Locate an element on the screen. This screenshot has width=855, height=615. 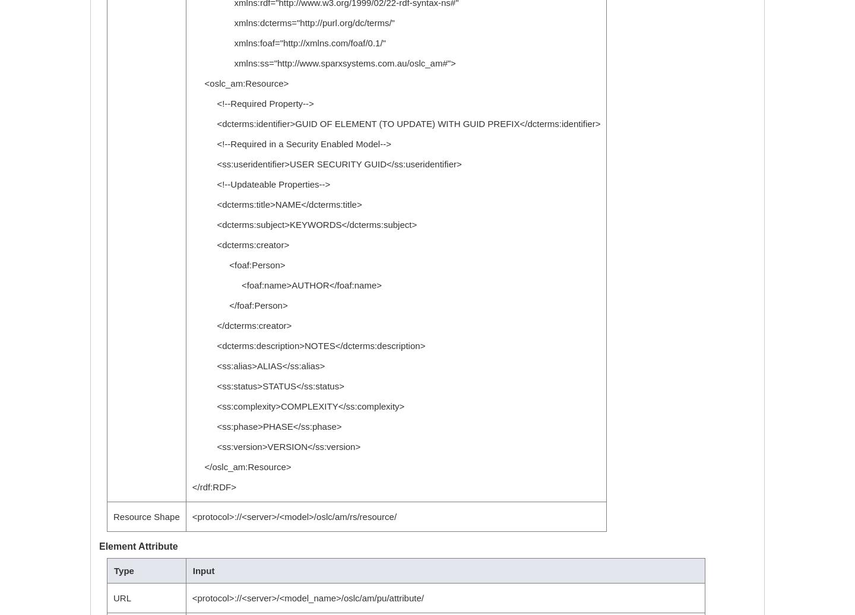
'<oslc_am:Resource>' is located at coordinates (239, 83).